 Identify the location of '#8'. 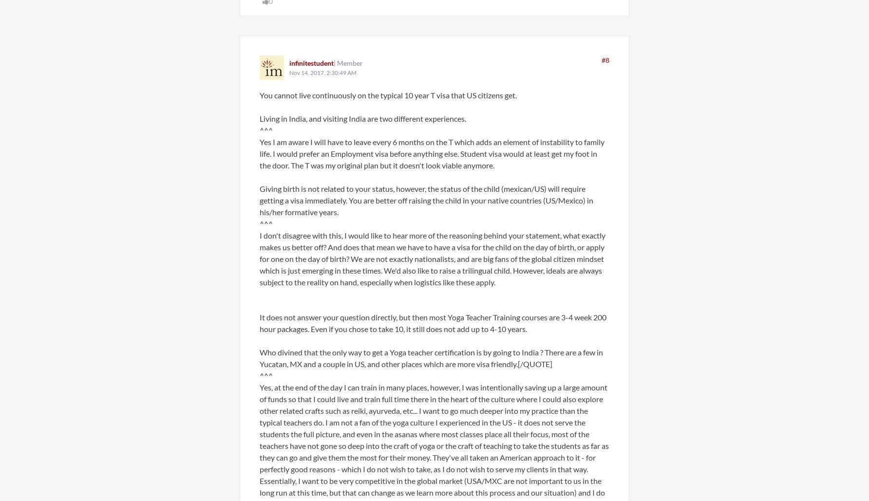
(601, 59).